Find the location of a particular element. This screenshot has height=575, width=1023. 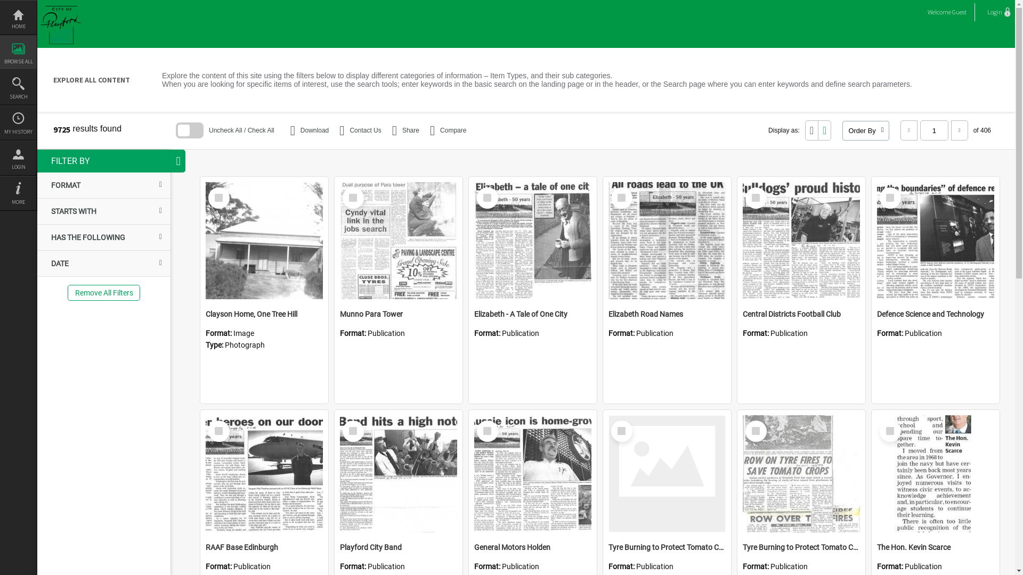

'MORE' is located at coordinates (18, 193).